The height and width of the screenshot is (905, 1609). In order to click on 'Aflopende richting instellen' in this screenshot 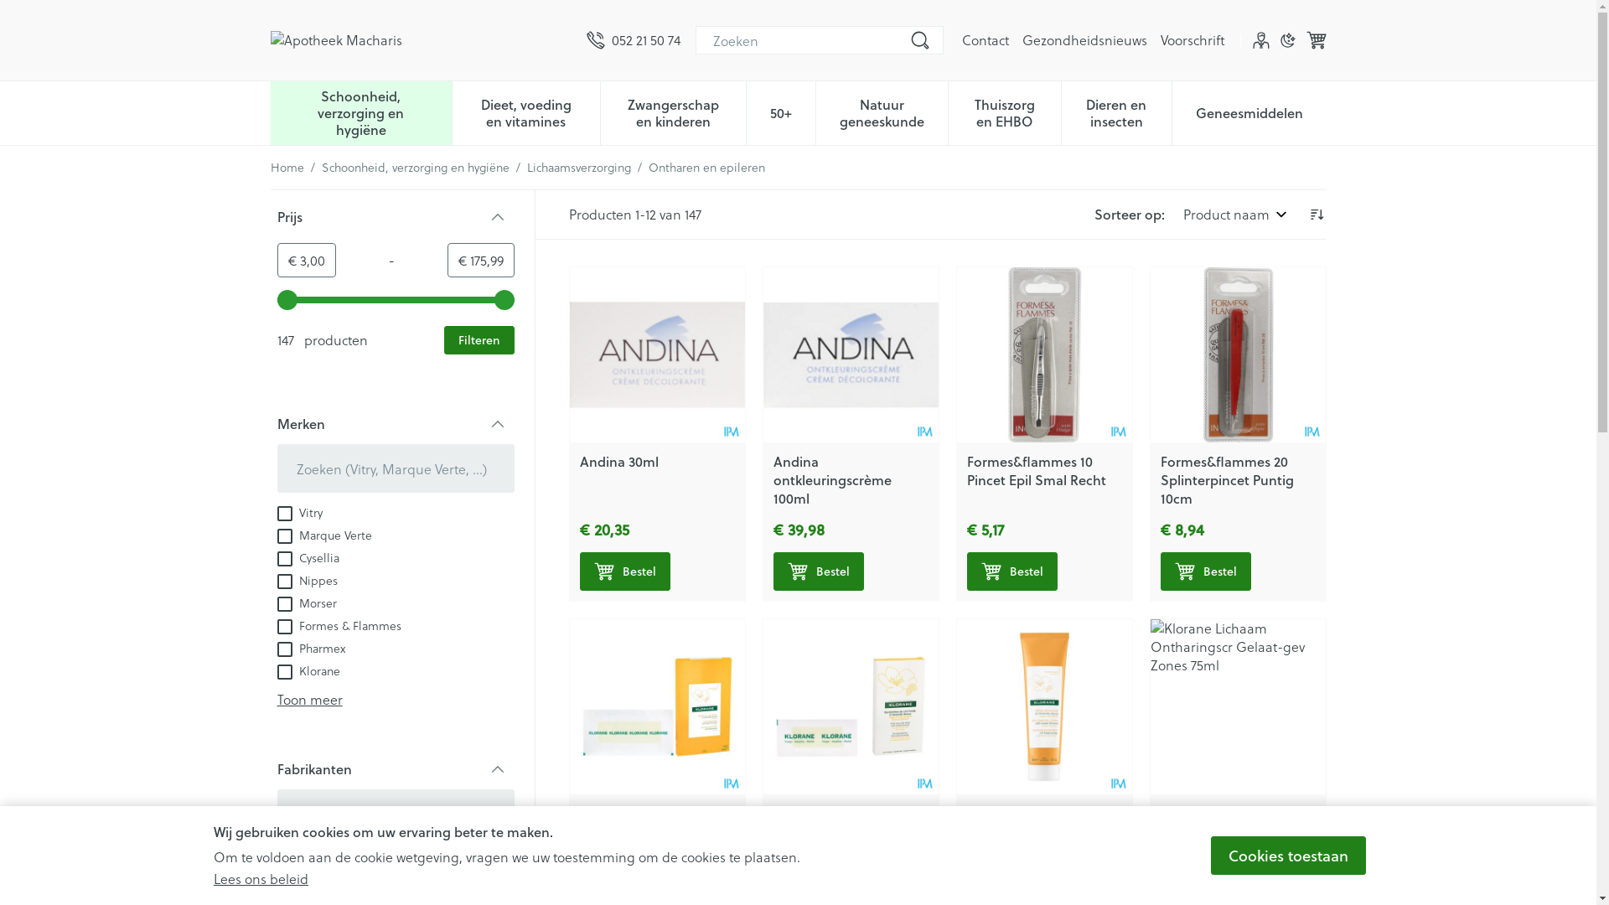, I will do `click(1314, 213)`.